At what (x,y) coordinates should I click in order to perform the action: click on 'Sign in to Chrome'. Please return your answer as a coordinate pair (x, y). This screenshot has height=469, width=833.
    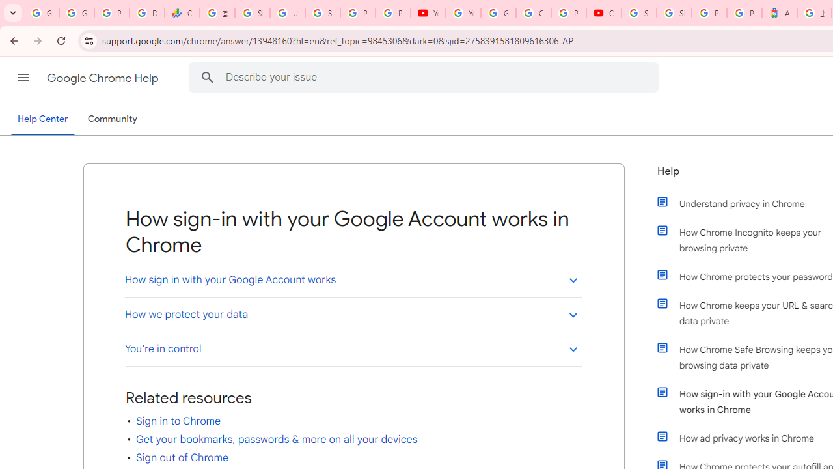
    Looking at the image, I should click on (178, 421).